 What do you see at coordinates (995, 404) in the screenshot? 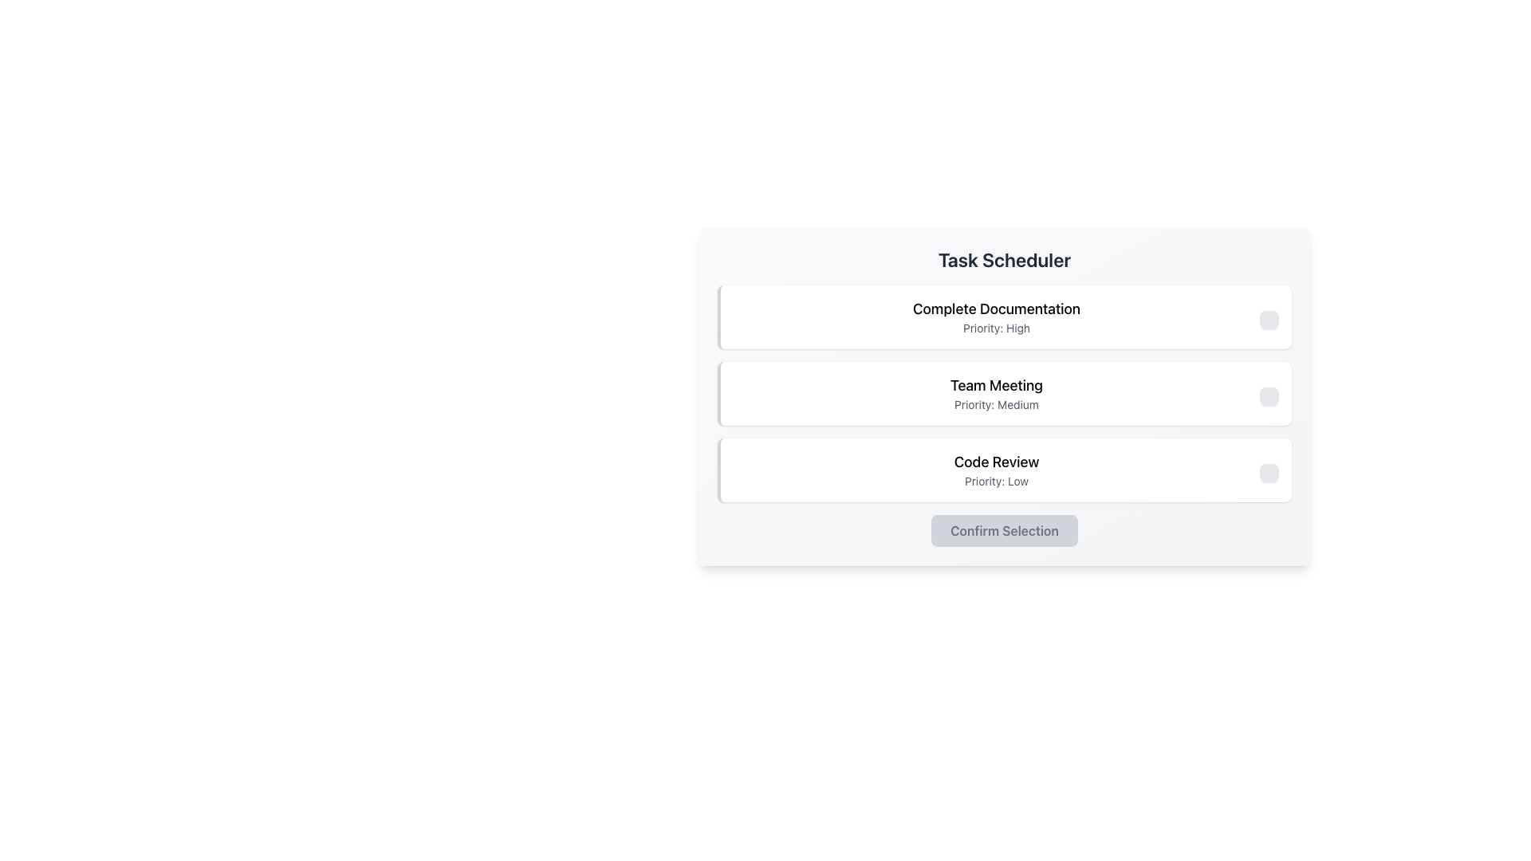
I see `the Text label indicating the priority level of 'Team Meeting', located in the second section of the task list` at bounding box center [995, 404].